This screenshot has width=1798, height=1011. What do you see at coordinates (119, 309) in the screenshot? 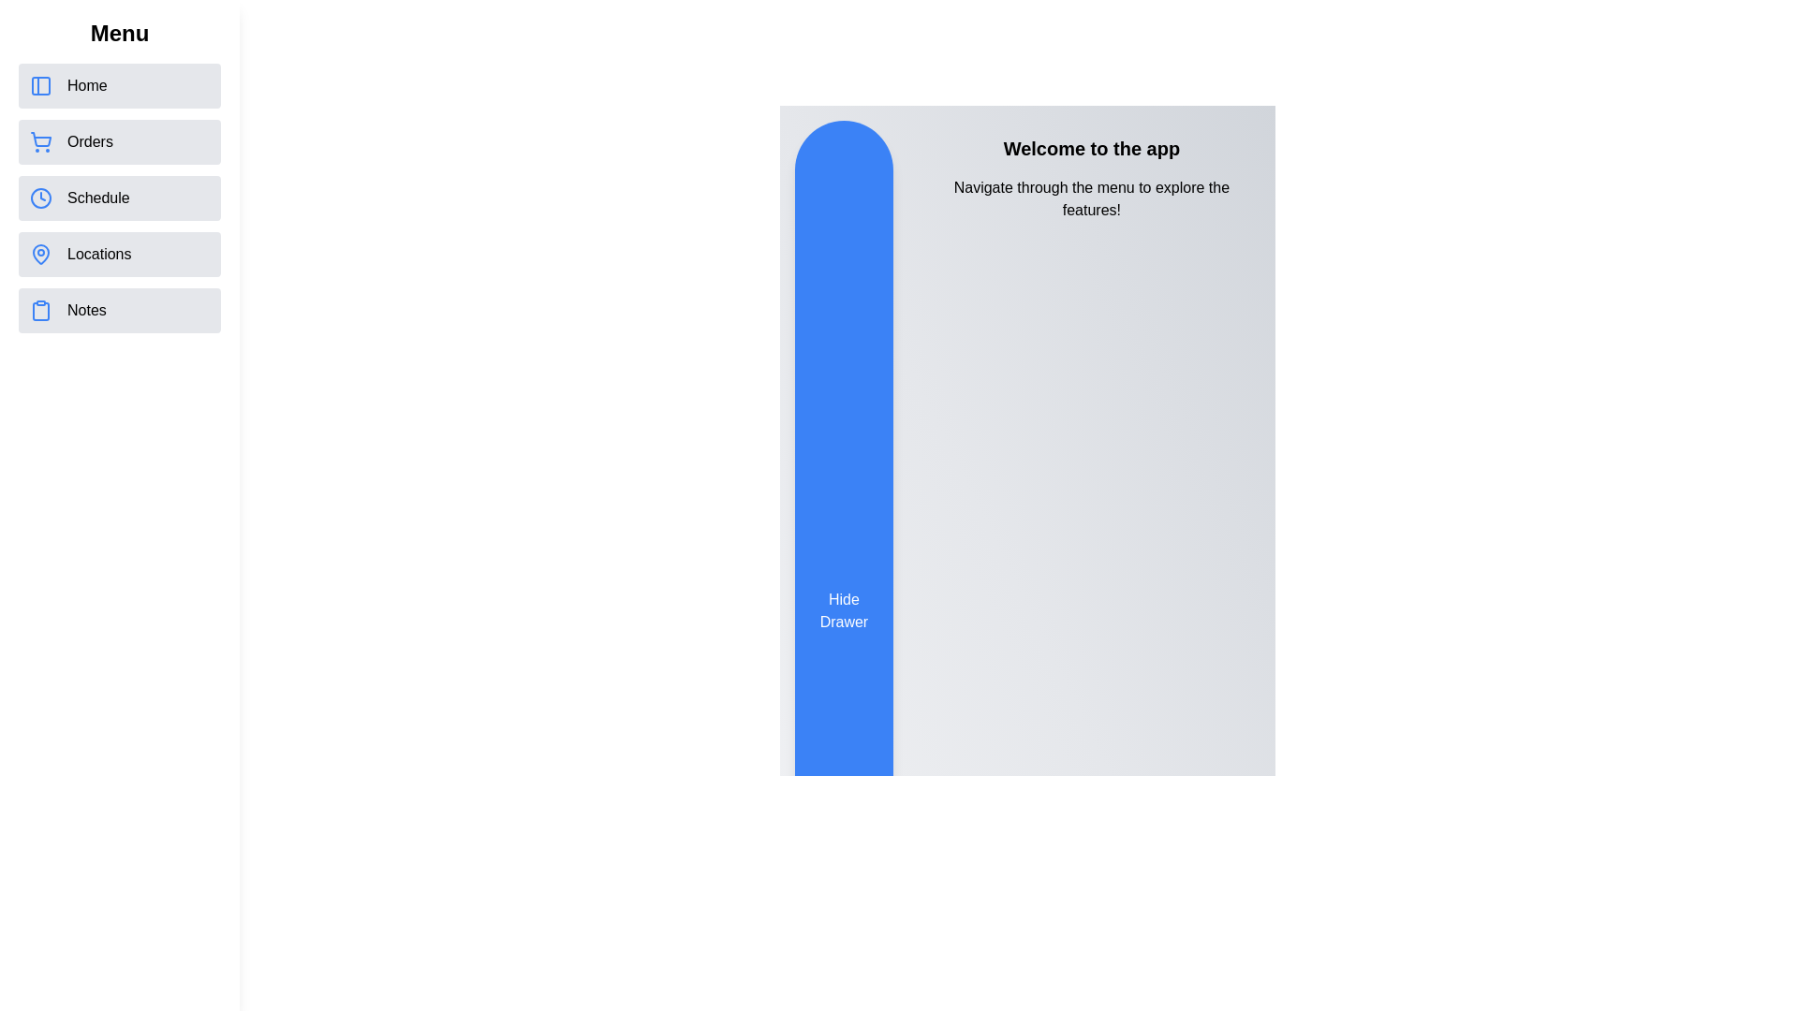
I see `the menu item Notes to navigate` at bounding box center [119, 309].